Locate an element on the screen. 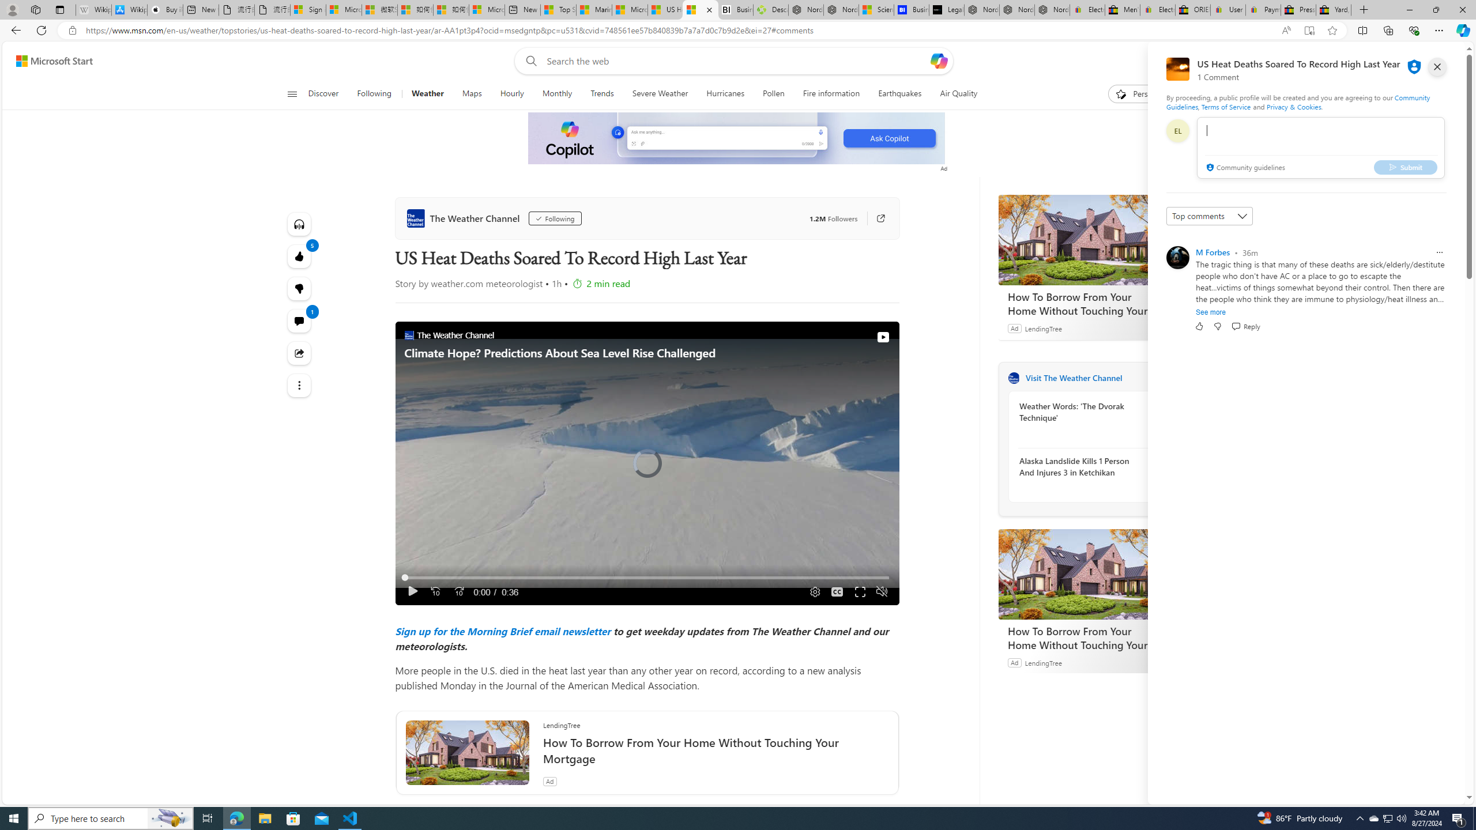 Image resolution: width=1476 pixels, height=830 pixels. 'Enhance video' is located at coordinates (1286, 31).